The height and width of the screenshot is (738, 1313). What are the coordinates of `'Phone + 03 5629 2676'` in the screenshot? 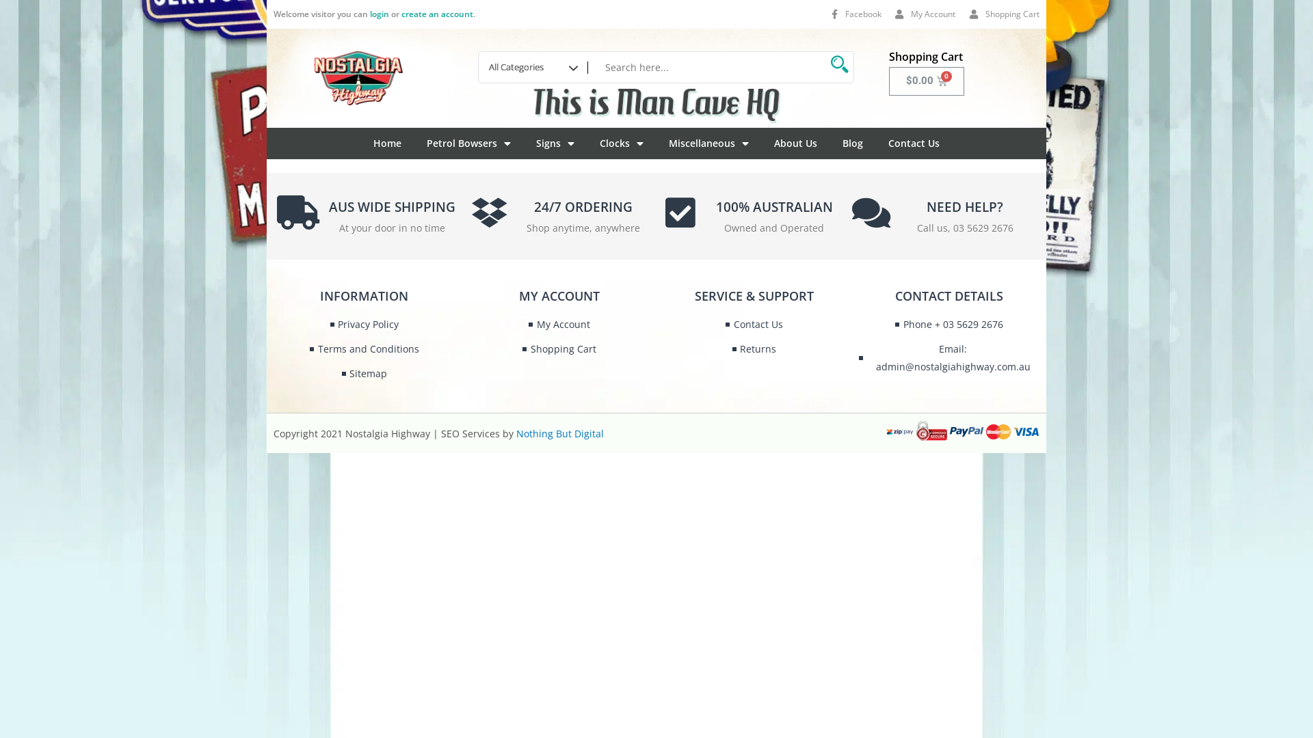 It's located at (948, 324).